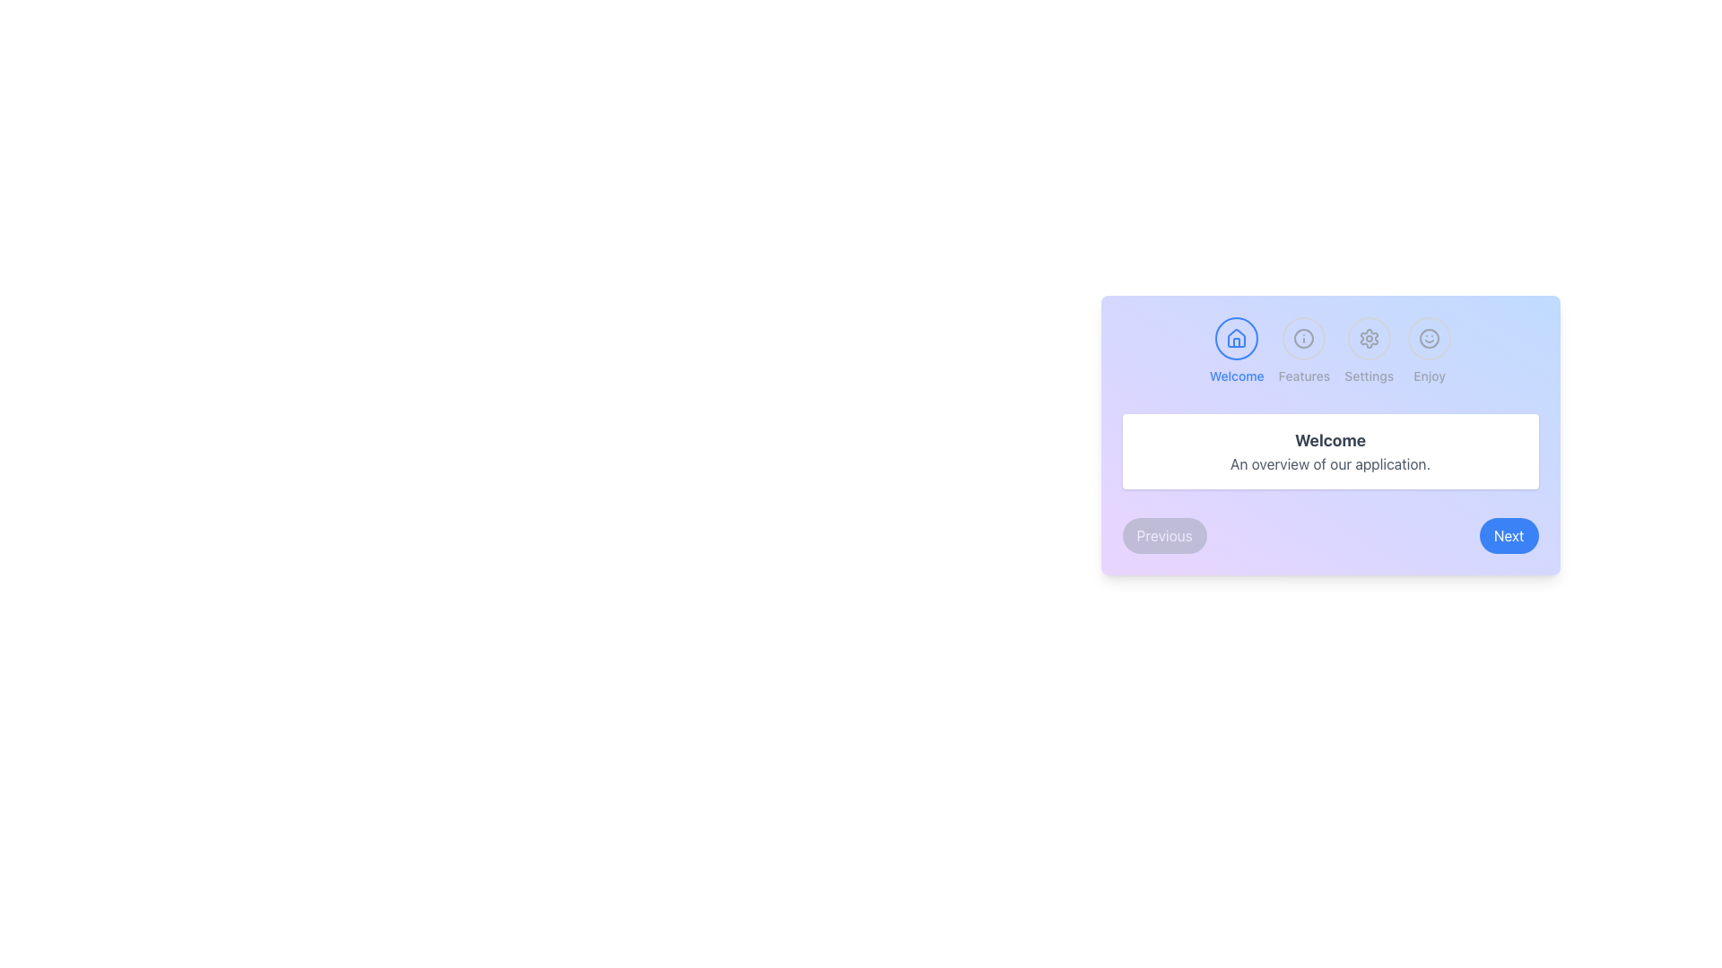  I want to click on the 'Settings' composite element, which features a gear icon and a label, so click(1368, 351).